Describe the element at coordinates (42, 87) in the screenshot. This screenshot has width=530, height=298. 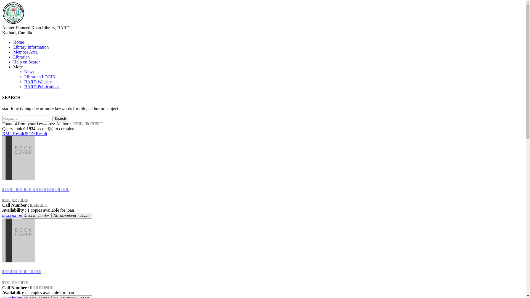
I see `'BARD Publications'` at that location.